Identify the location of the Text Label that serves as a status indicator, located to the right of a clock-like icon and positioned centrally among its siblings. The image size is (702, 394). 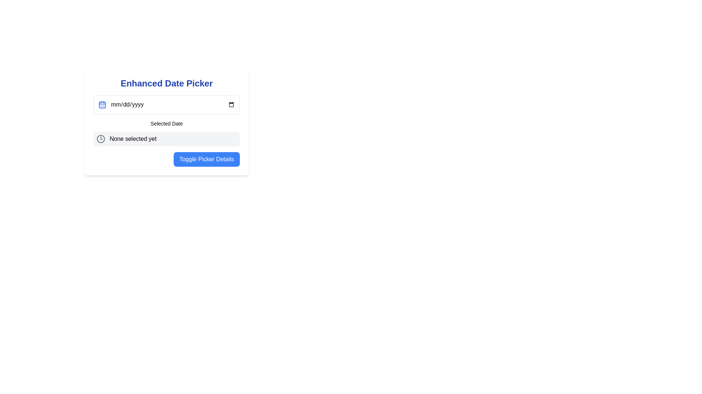
(133, 139).